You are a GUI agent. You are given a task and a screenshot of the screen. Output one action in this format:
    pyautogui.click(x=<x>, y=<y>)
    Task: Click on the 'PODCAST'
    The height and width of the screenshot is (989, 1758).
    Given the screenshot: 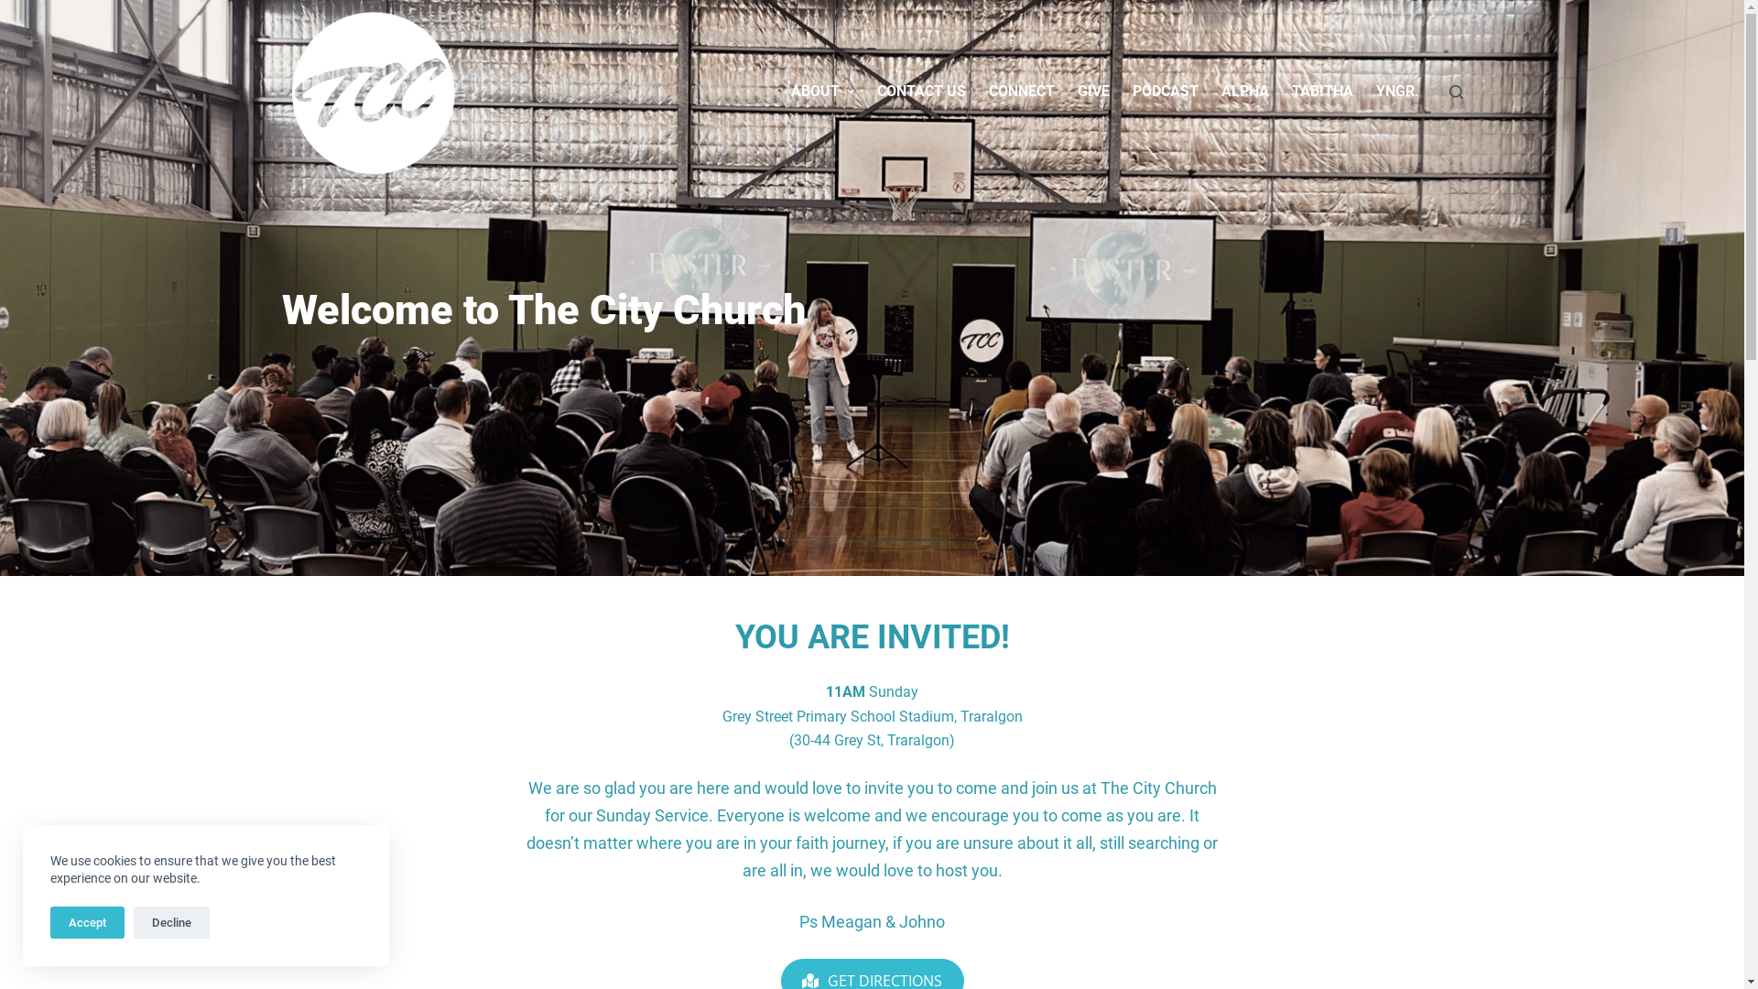 What is the action you would take?
    pyautogui.click(x=1164, y=92)
    